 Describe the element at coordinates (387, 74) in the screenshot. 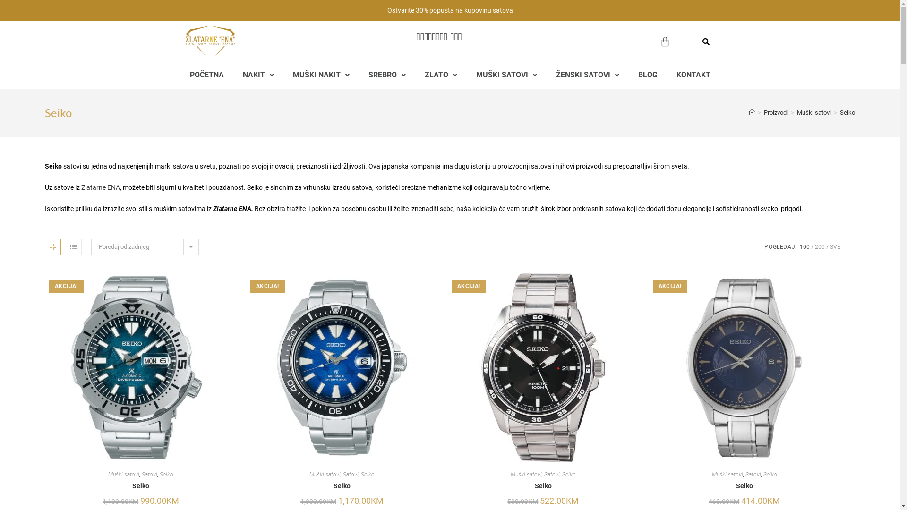

I see `'SREBRO'` at that location.